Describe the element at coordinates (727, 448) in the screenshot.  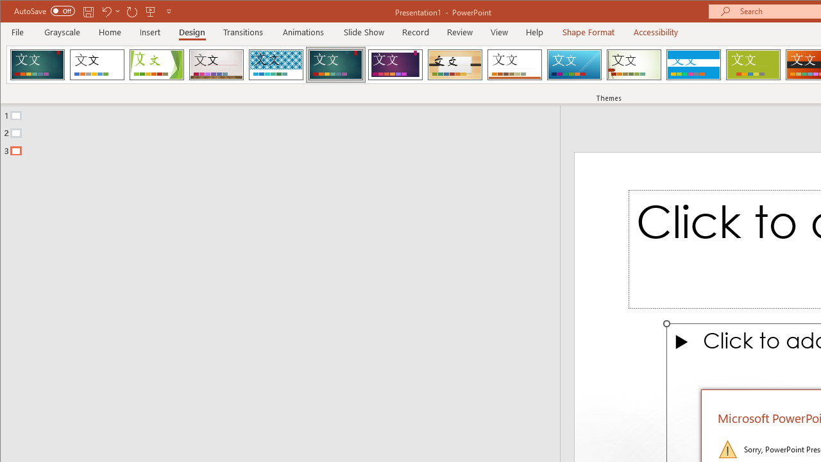
I see `'Warning Icon'` at that location.